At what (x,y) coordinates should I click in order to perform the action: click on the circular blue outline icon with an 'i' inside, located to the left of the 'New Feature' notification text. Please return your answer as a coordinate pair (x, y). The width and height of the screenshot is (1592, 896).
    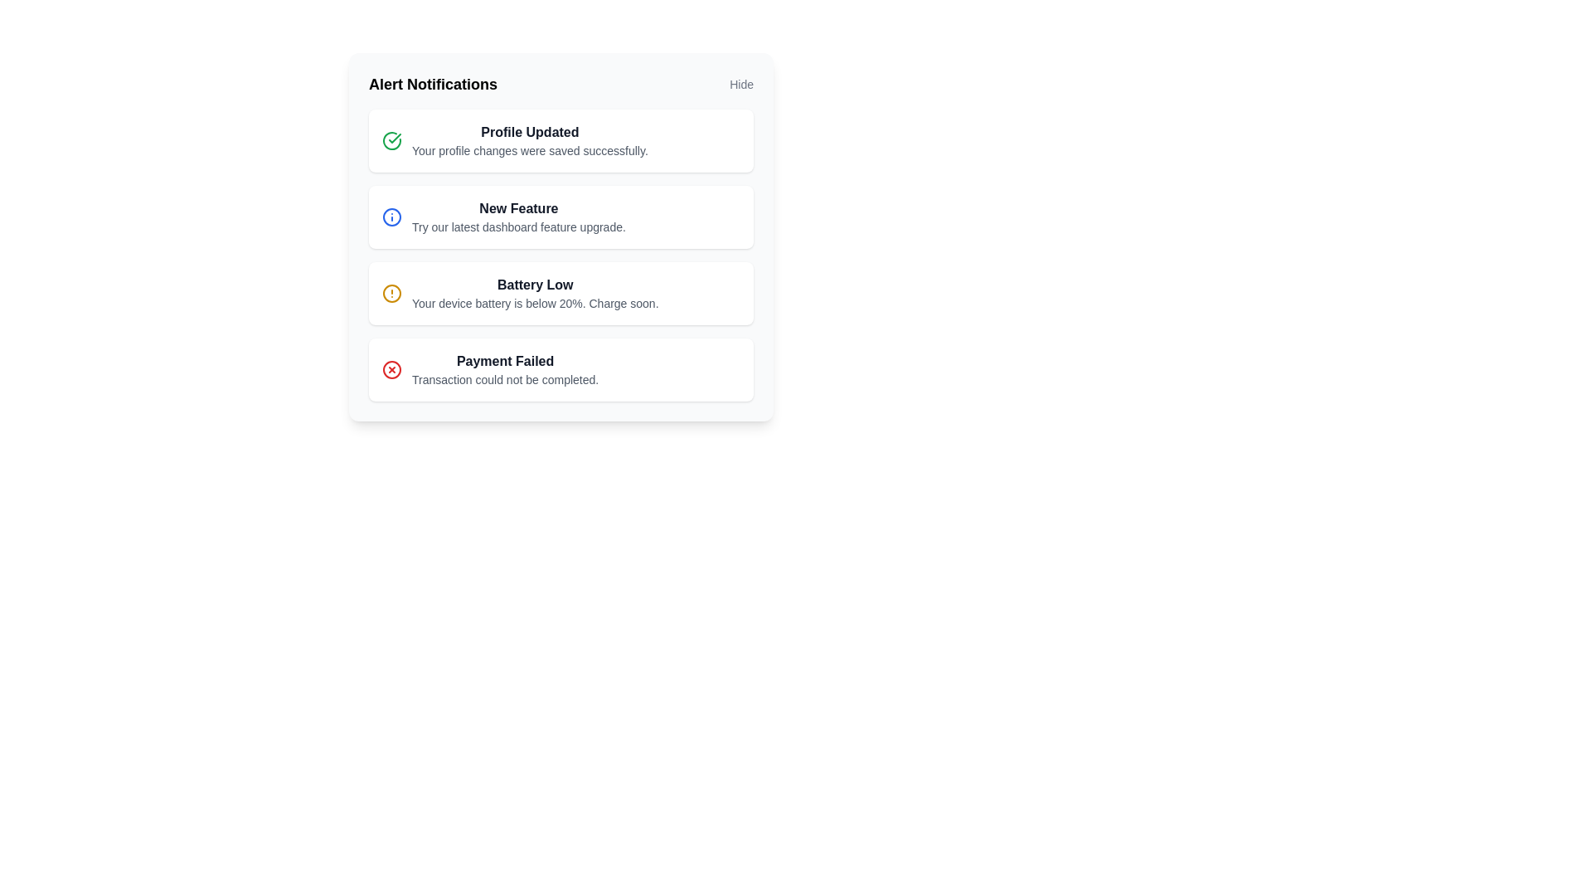
    Looking at the image, I should click on (391, 217).